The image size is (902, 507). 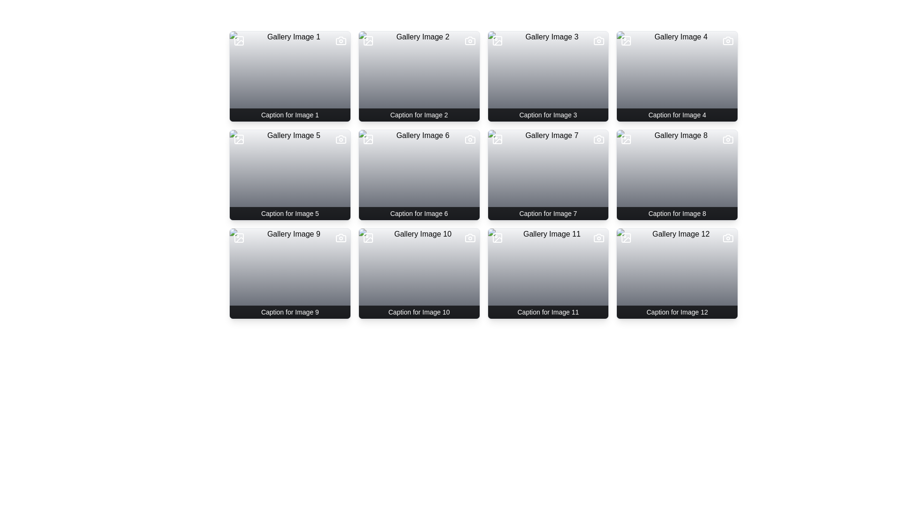 What do you see at coordinates (419, 76) in the screenshot?
I see `the Card component that represents 'Gallery Image 2', which is the second item in the first row of a 4-column grid` at bounding box center [419, 76].